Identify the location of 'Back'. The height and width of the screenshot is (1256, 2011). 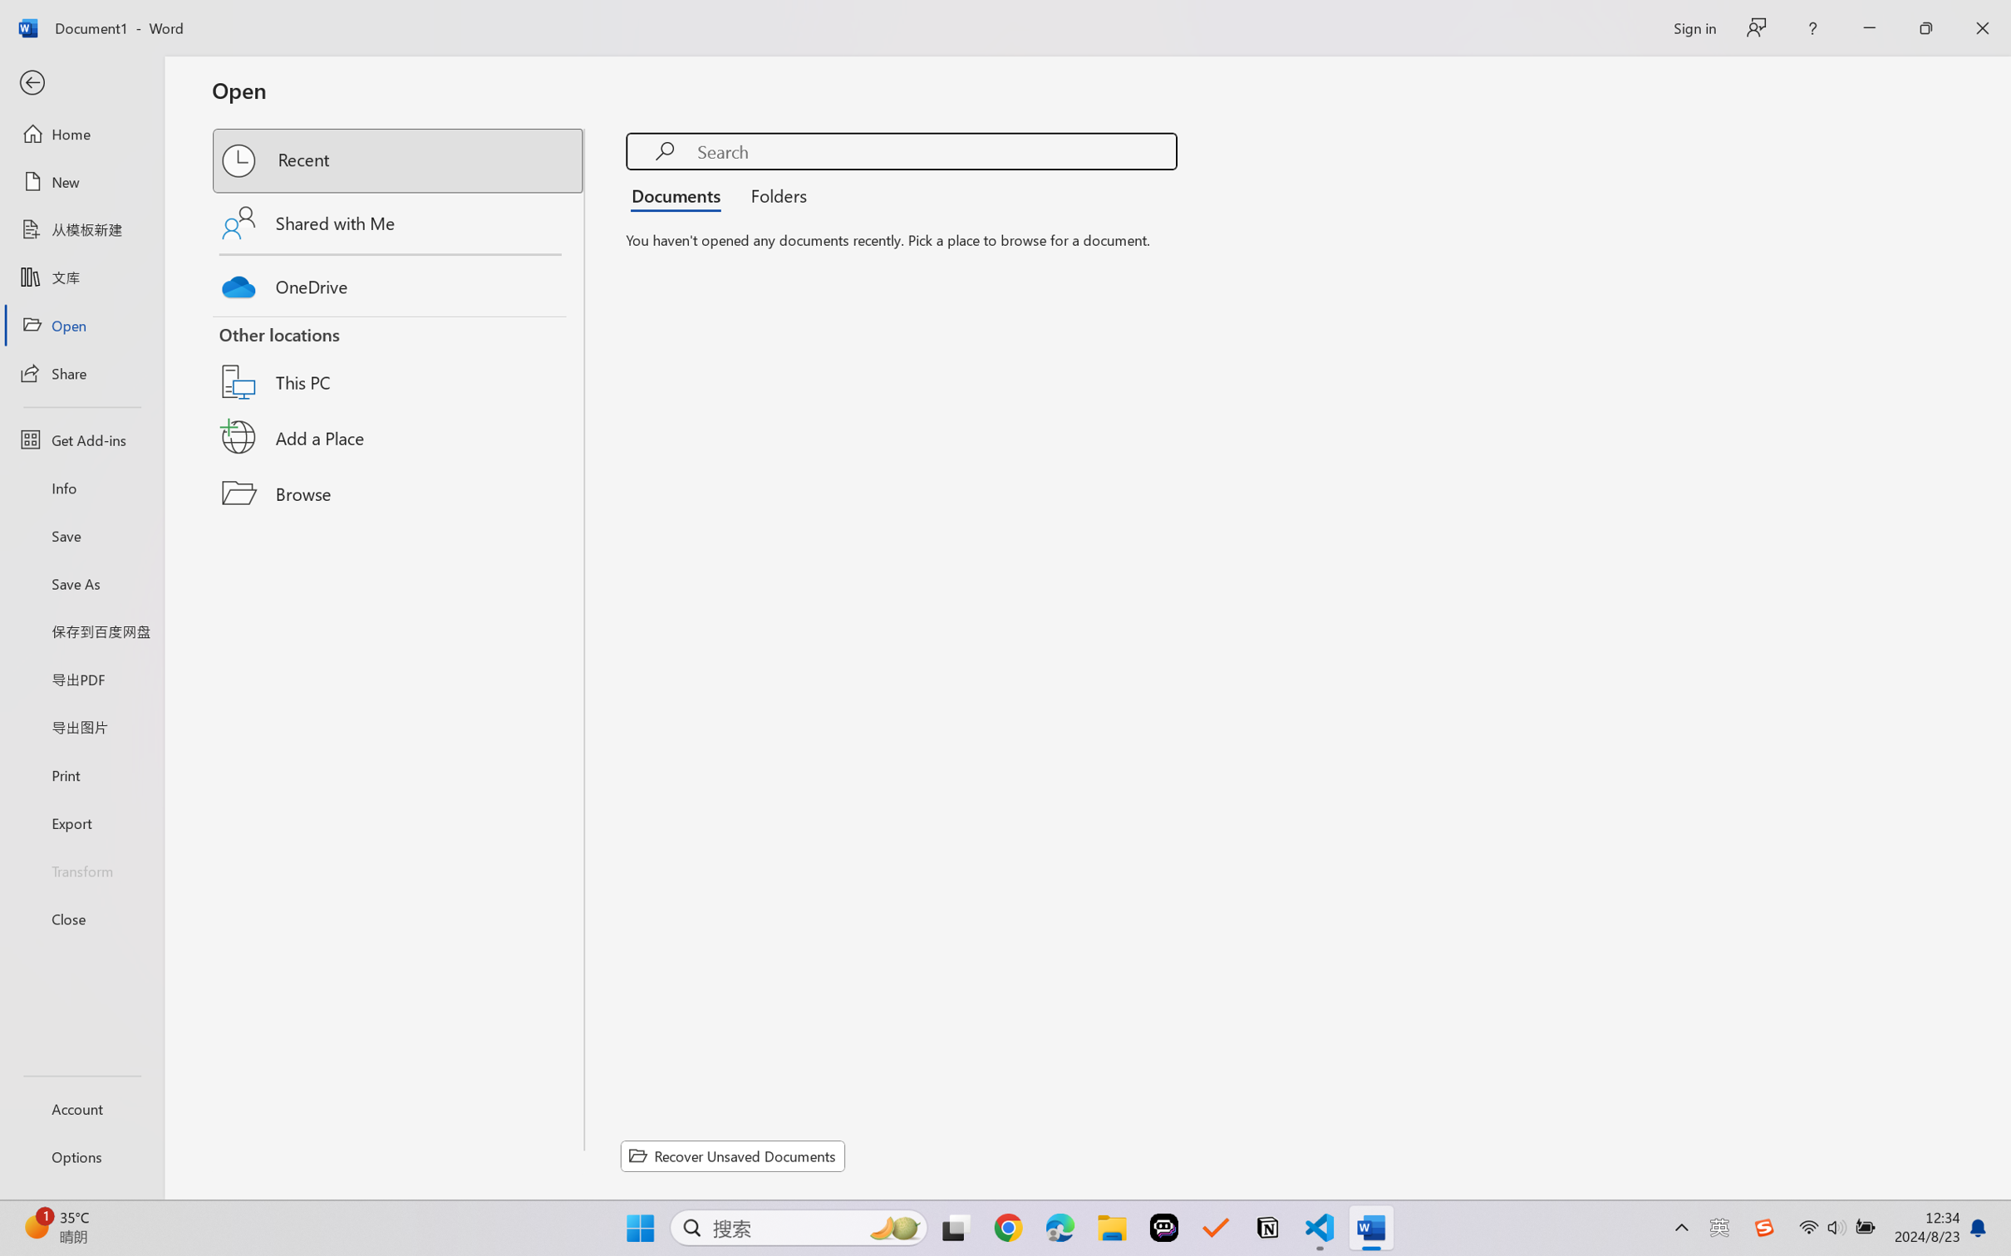
(81, 83).